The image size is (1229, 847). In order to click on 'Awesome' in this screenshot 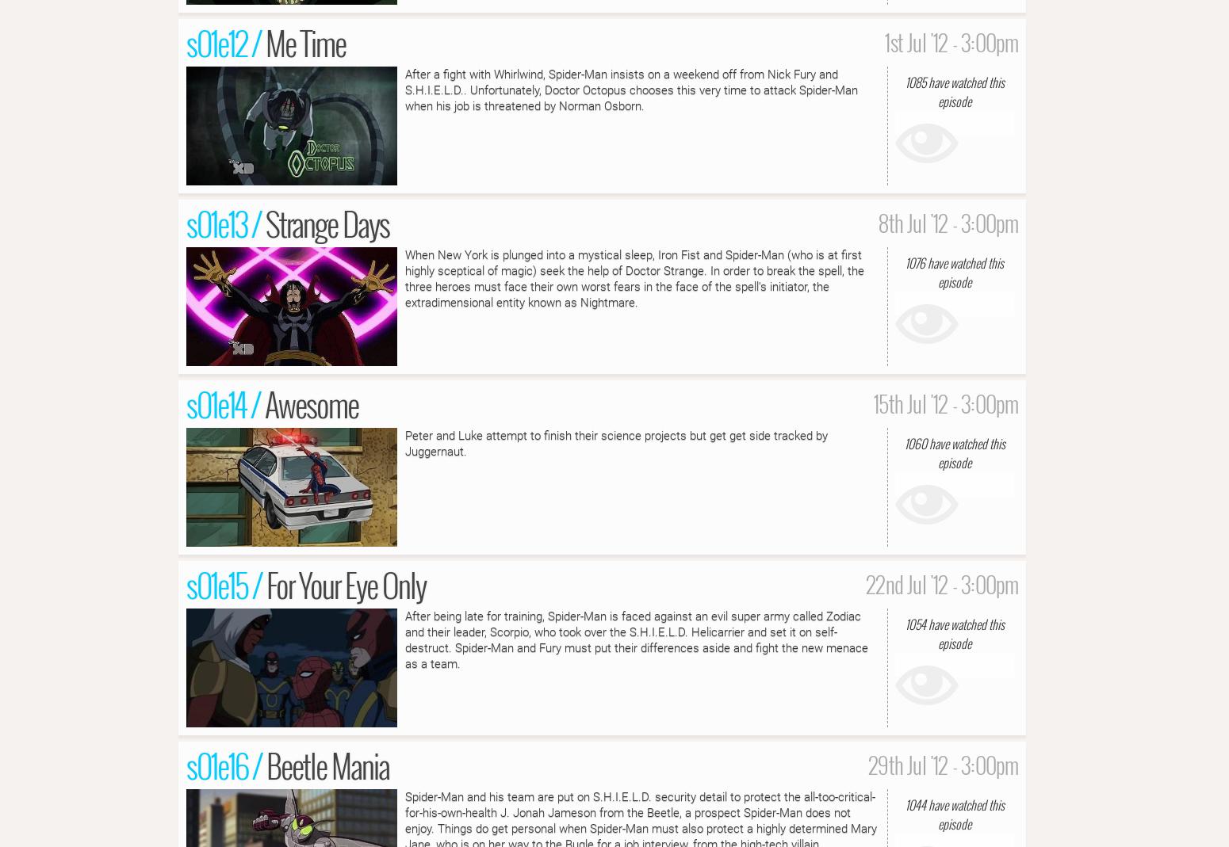, I will do `click(311, 402)`.